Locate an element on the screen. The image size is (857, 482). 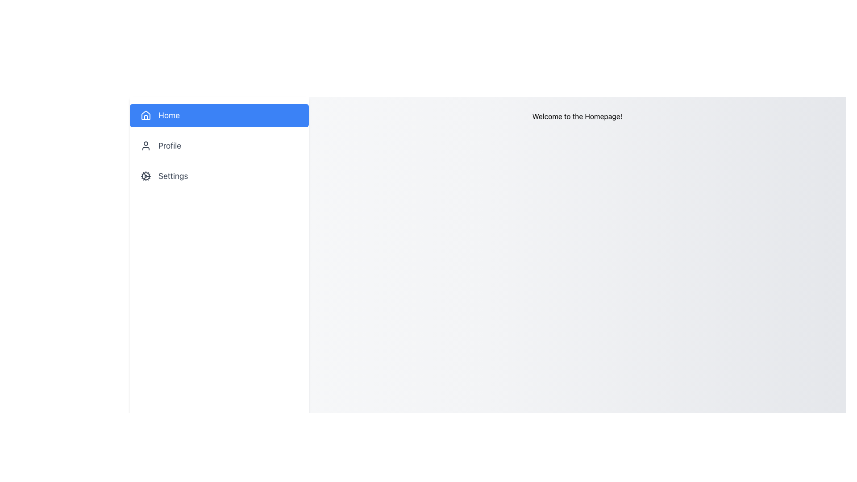
the 'Settings' button in the sidebar navigation panel for keyboard navigation is located at coordinates (219, 176).